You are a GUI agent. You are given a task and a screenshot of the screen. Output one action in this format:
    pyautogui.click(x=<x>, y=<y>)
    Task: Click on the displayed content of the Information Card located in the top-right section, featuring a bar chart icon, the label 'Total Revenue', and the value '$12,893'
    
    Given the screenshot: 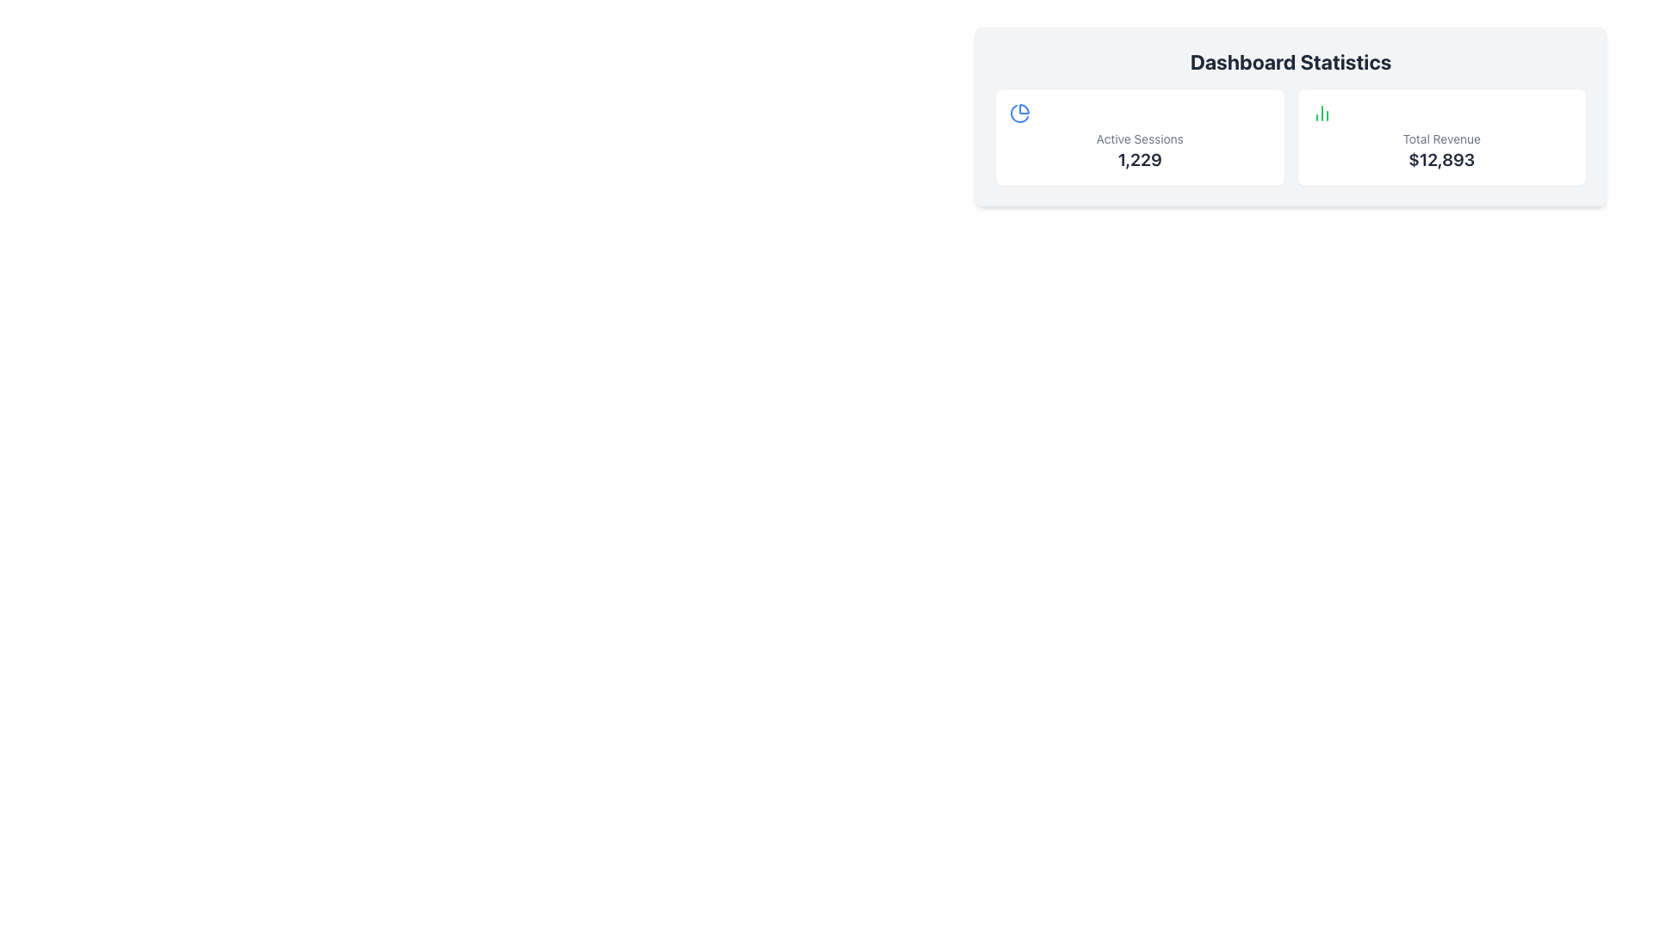 What is the action you would take?
    pyautogui.click(x=1441, y=136)
    